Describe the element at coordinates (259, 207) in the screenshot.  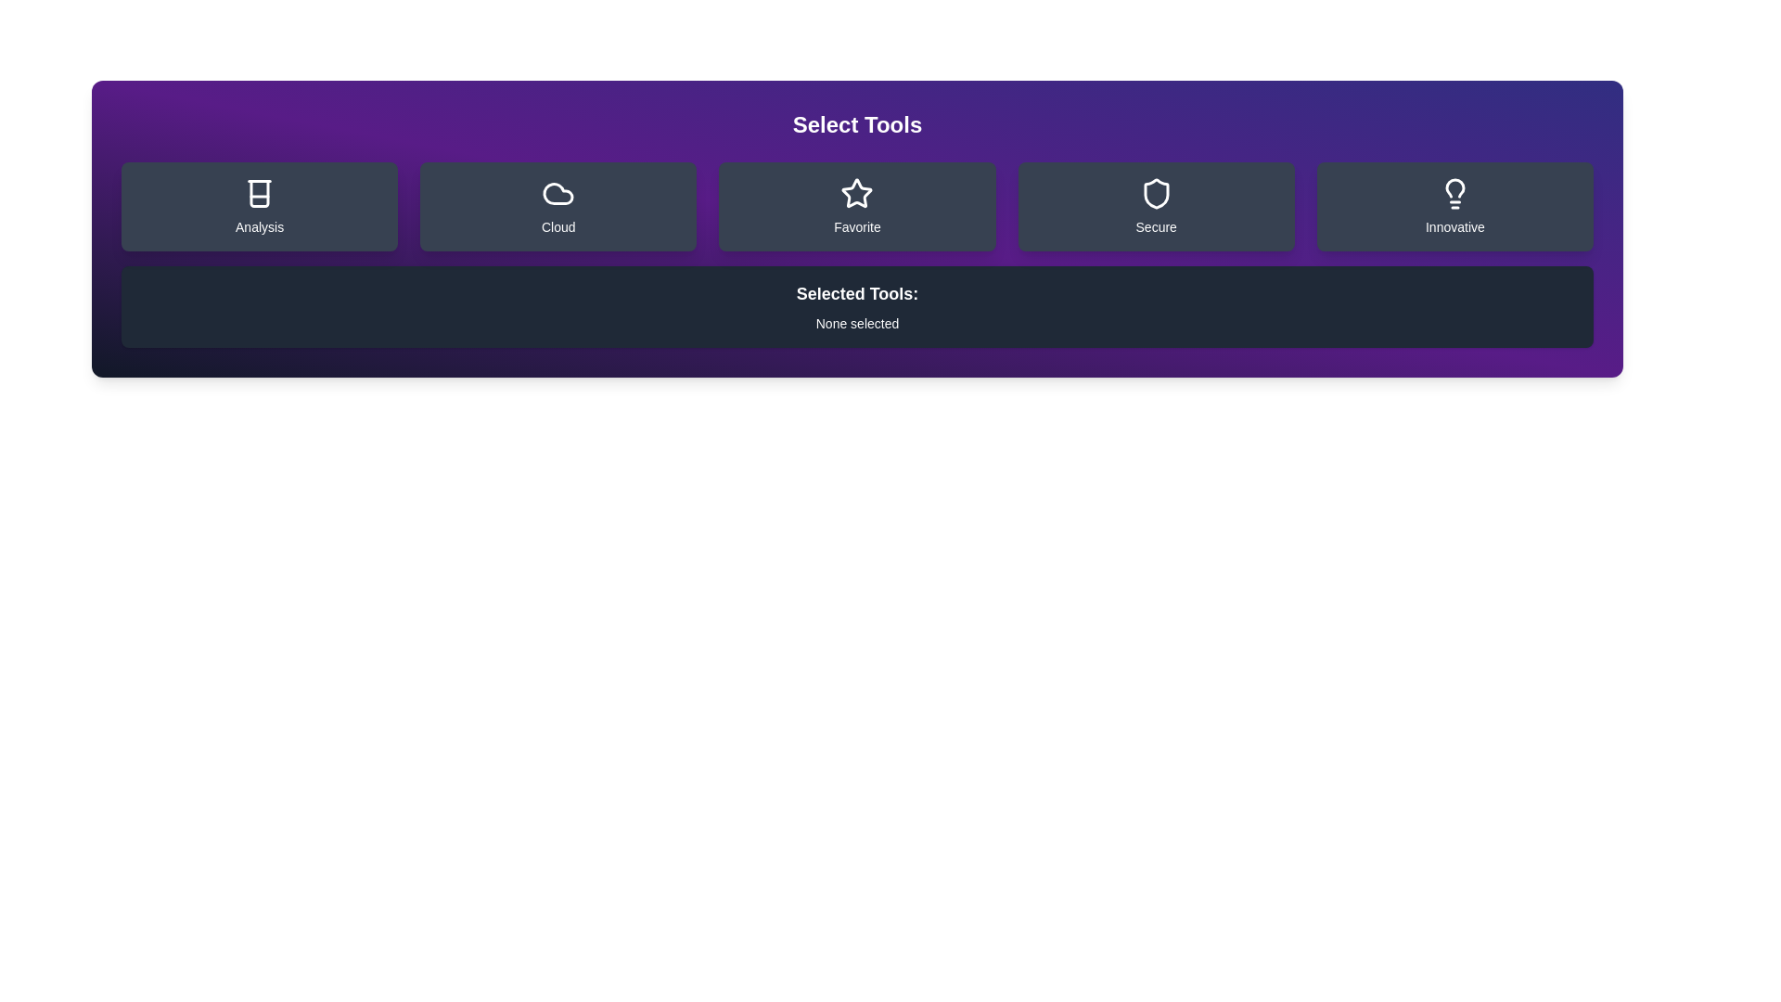
I see `the Interactive Button located on the far left of the grid layout, below the heading 'Select Tools'` at that location.